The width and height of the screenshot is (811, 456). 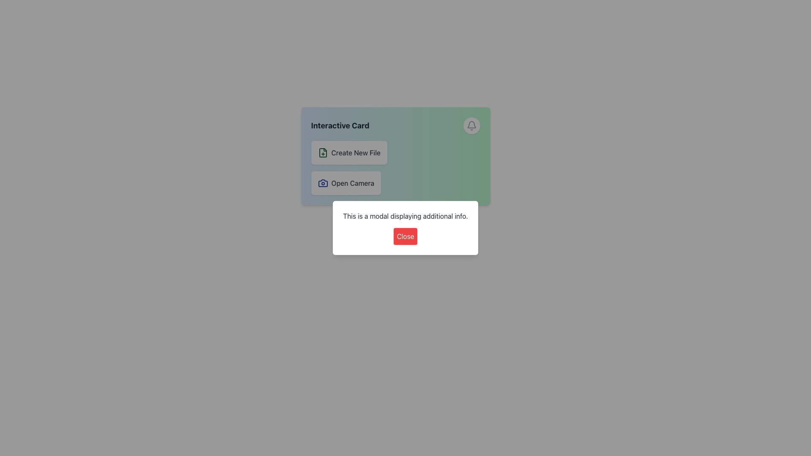 I want to click on the button located at the bottom of the modal dialog, so click(x=405, y=236).